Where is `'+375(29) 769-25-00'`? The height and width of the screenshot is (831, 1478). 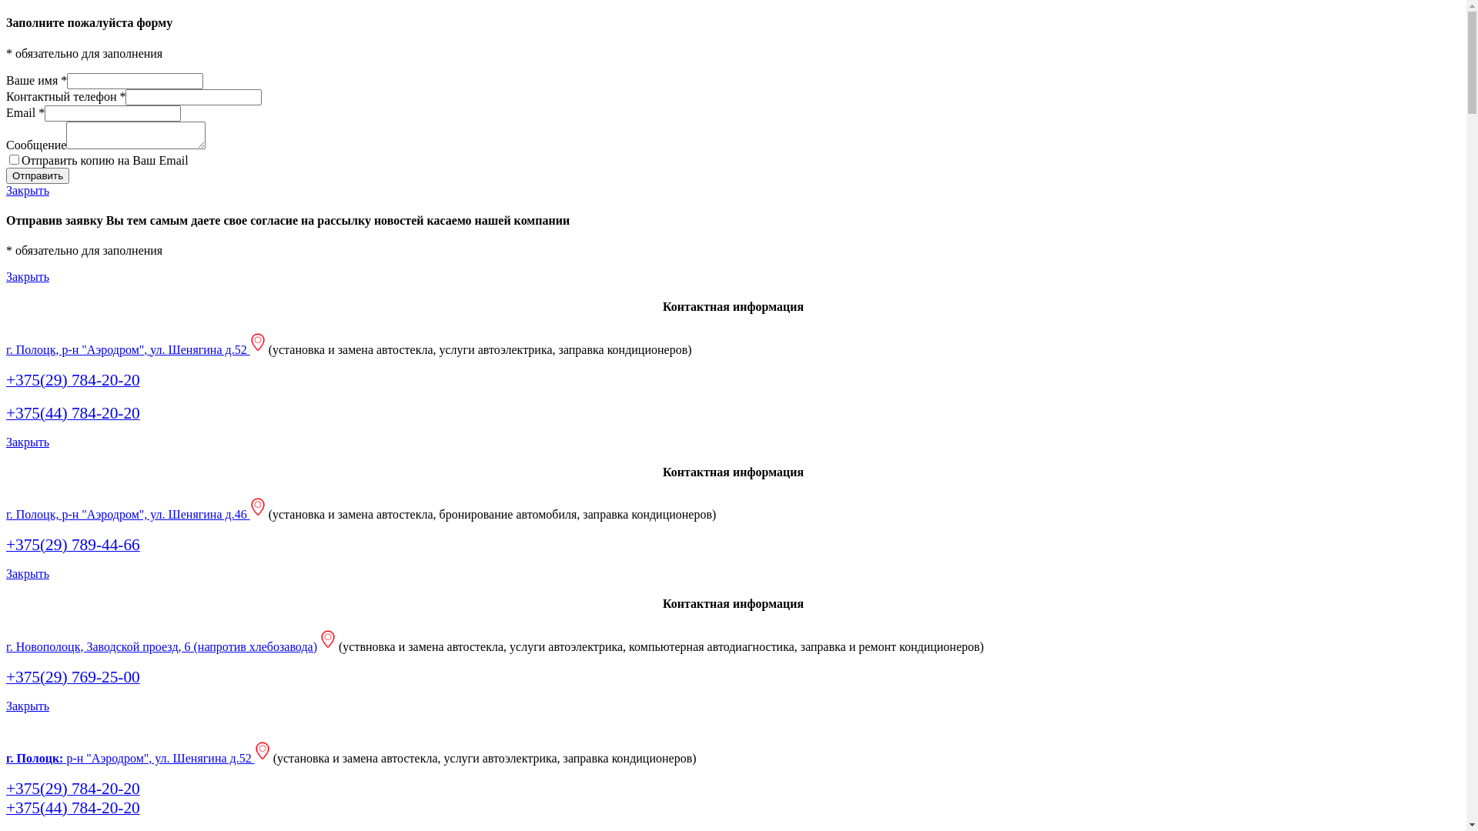 '+375(29) 769-25-00' is located at coordinates (72, 677).